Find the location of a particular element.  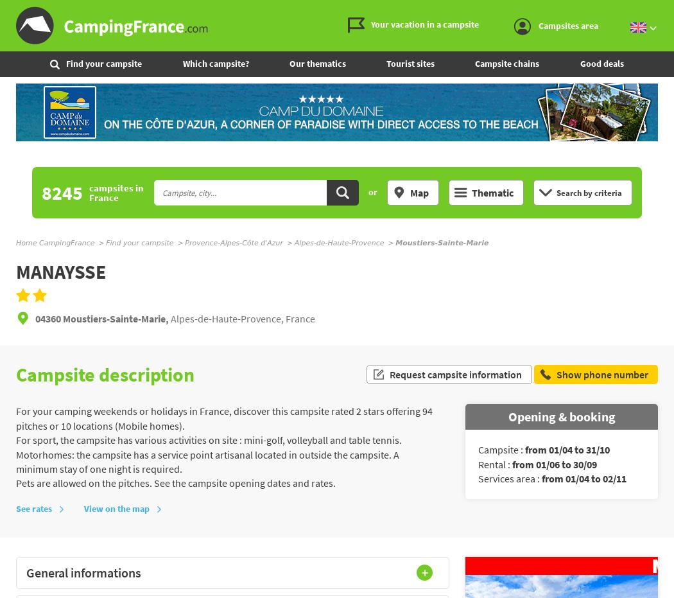

'Campsite chains' is located at coordinates (506, 63).